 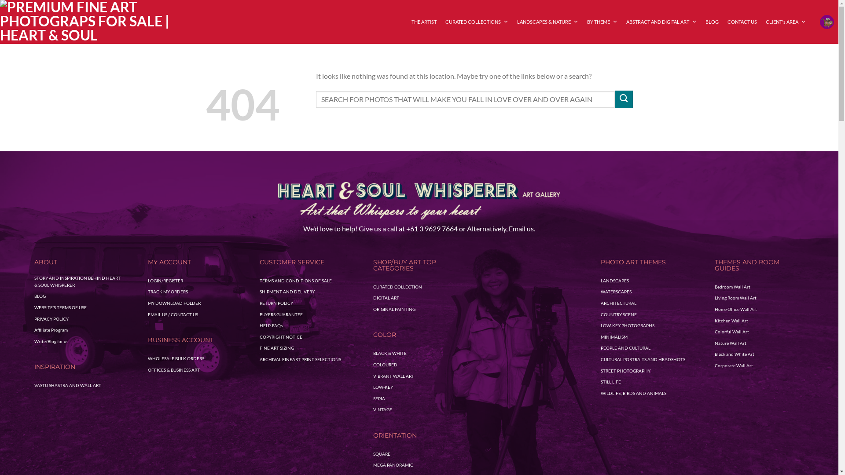 What do you see at coordinates (34, 281) in the screenshot?
I see `'STORY AND INSPIRATION BEHIND HEART & SOUL WHISPERER'` at bounding box center [34, 281].